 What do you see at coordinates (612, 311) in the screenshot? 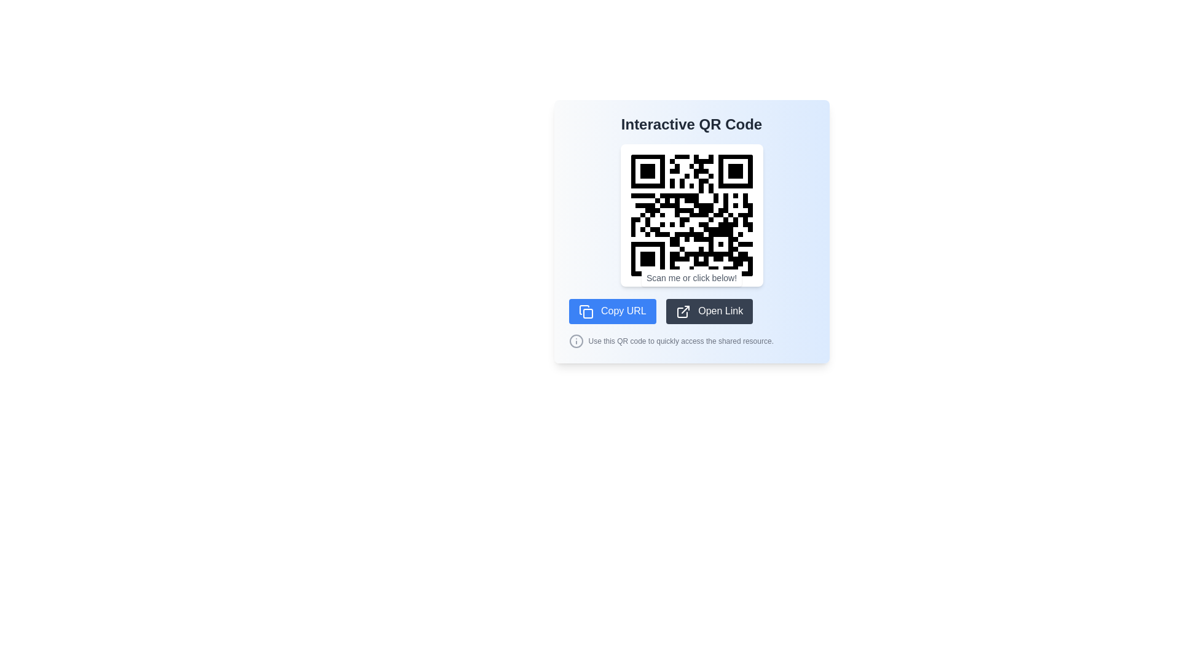
I see `the button located directly to the left of the 'Open Link' button to copy the URL to the clipboard` at bounding box center [612, 311].